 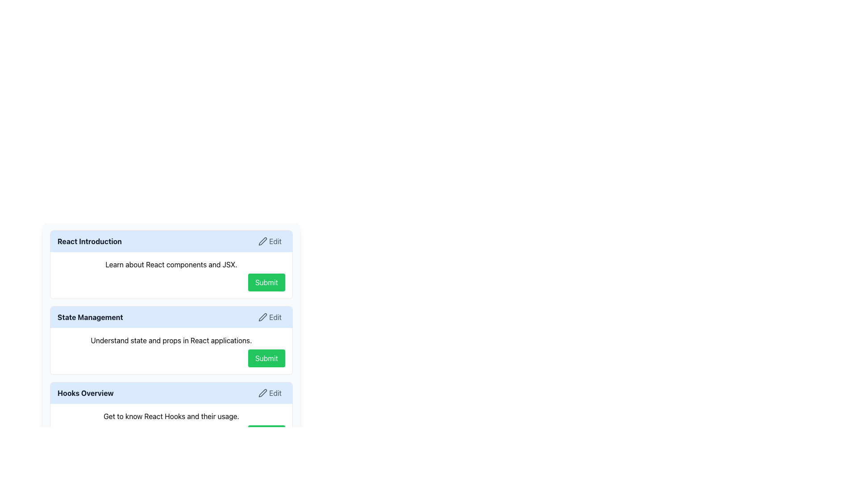 What do you see at coordinates (85, 392) in the screenshot?
I see `the 'Hooks Overview' text label located in the header area of the 'Hooks Overview Edit' box, which is displayed in bold black font against a light blue background` at bounding box center [85, 392].